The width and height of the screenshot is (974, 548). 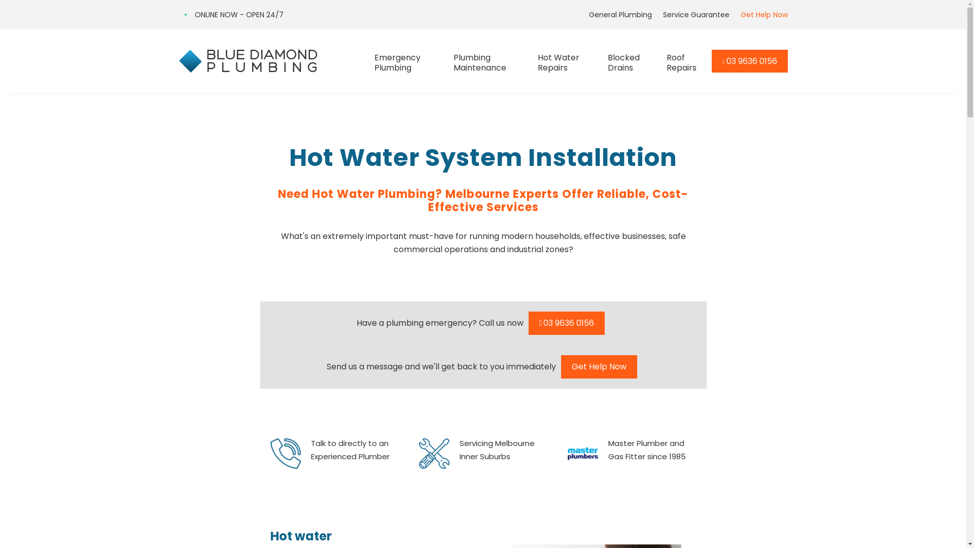 What do you see at coordinates (749, 61) in the screenshot?
I see `'03 9636 0156'` at bounding box center [749, 61].